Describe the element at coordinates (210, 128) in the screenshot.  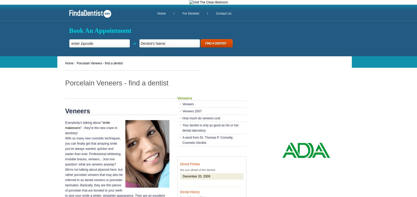
I see `'Your dentist is only as good as his or her dental laboratory'` at that location.